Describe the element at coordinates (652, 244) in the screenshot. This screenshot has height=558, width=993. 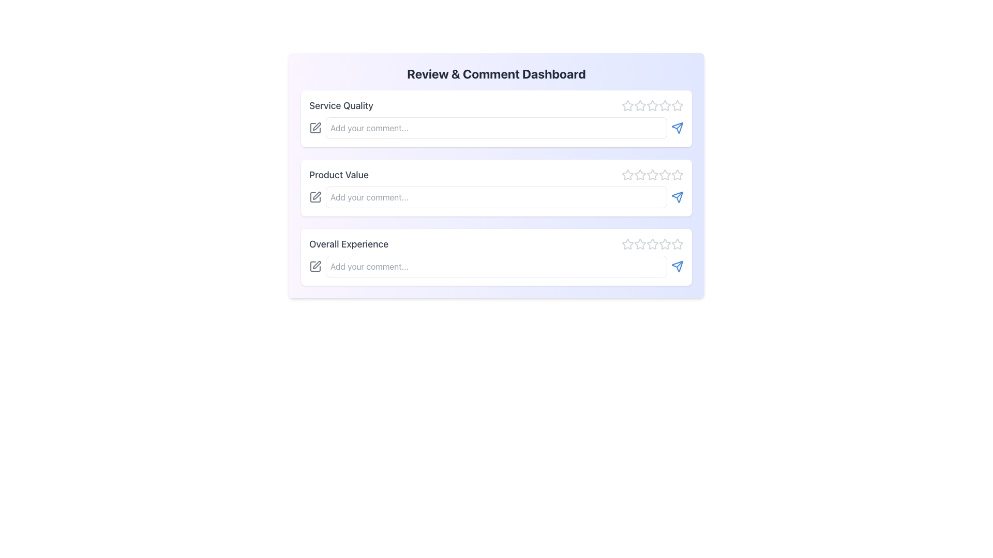
I see `the third star in the five-star rating system for 'Overall Experience'` at that location.